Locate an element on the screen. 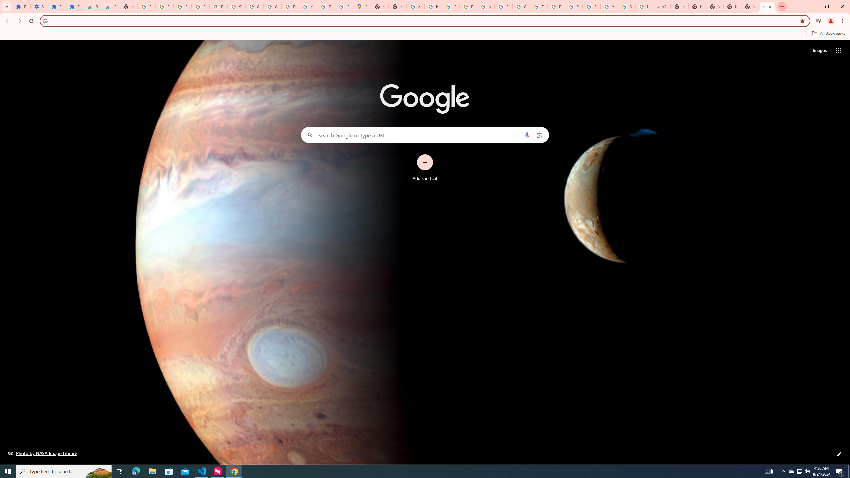 The width and height of the screenshot is (850, 478). 'Privacy Help Center - Policies Help' is located at coordinates (556, 6).